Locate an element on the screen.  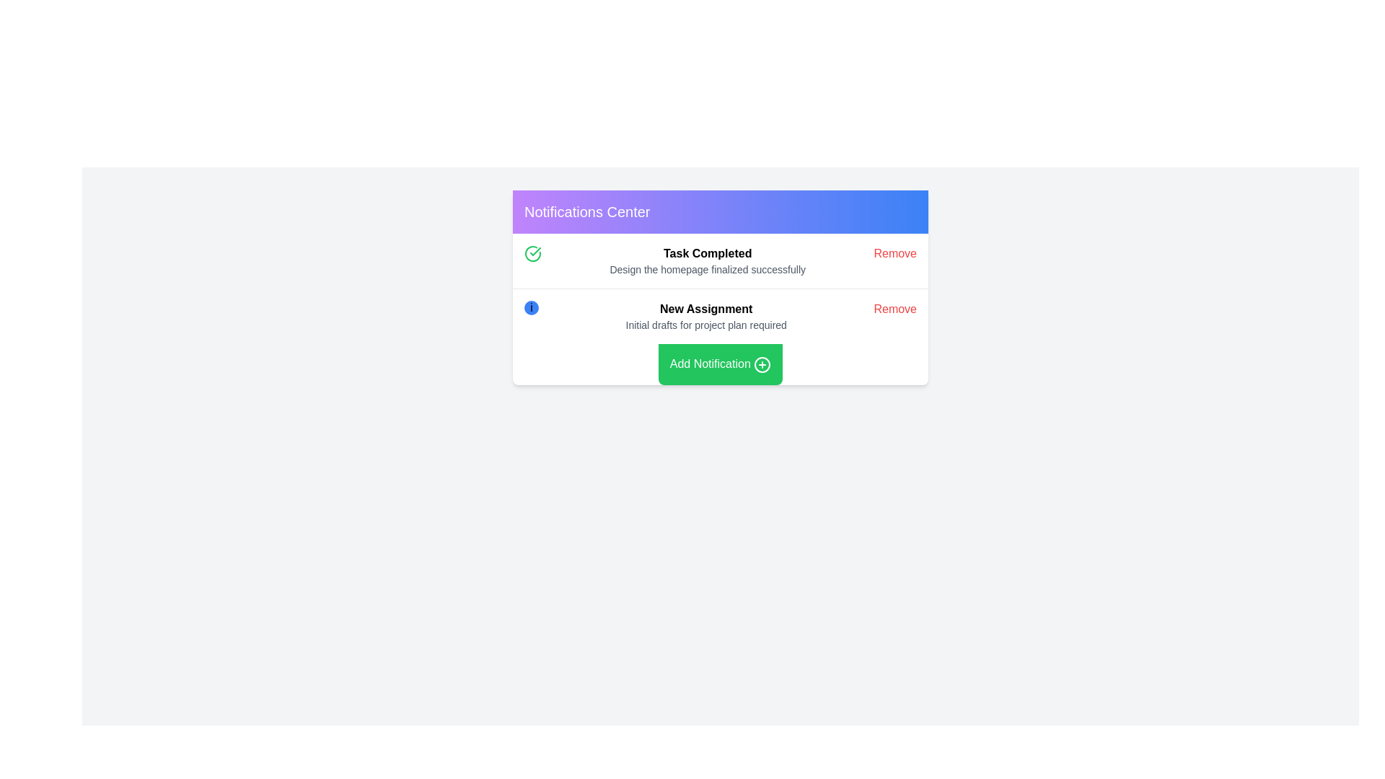
the Text Label that reads 'Design the homepage finalized successfully', which is styled in a lighter grey font and positioned directly below the 'Task Completed' label in the notification box is located at coordinates (708, 270).